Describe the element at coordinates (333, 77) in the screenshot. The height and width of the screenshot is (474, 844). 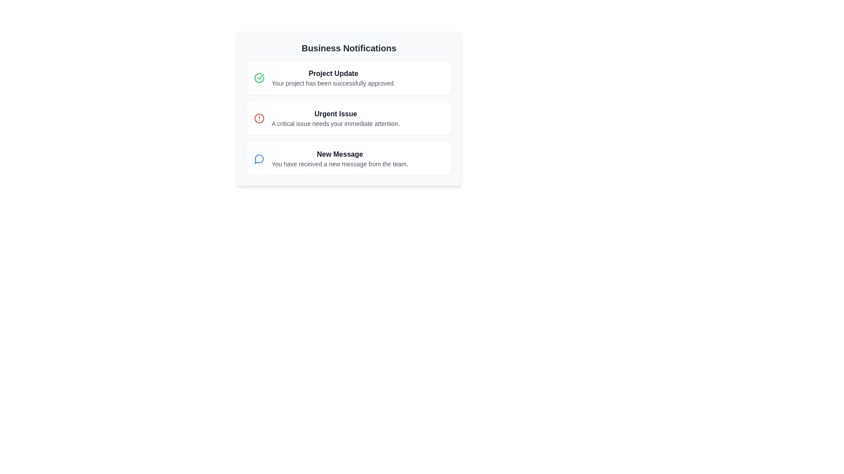
I see `the interactive text component in the first notification card that informs the user about a project update` at that location.